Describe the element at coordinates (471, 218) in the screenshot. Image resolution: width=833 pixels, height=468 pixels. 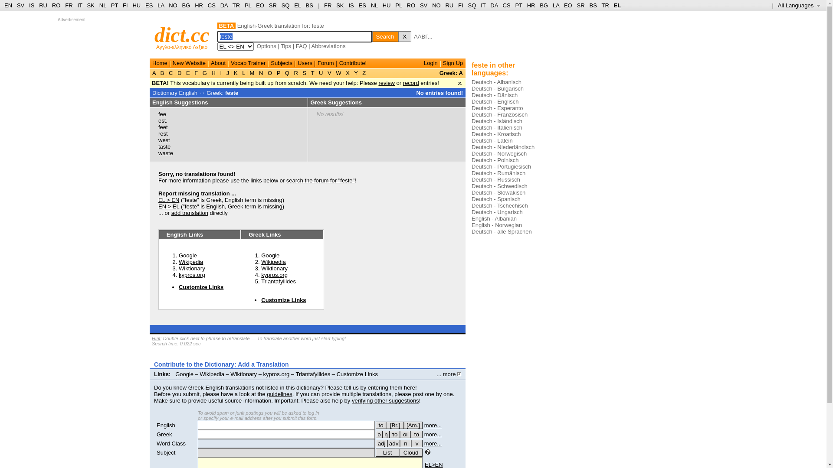
I see `'English - Albanian'` at that location.